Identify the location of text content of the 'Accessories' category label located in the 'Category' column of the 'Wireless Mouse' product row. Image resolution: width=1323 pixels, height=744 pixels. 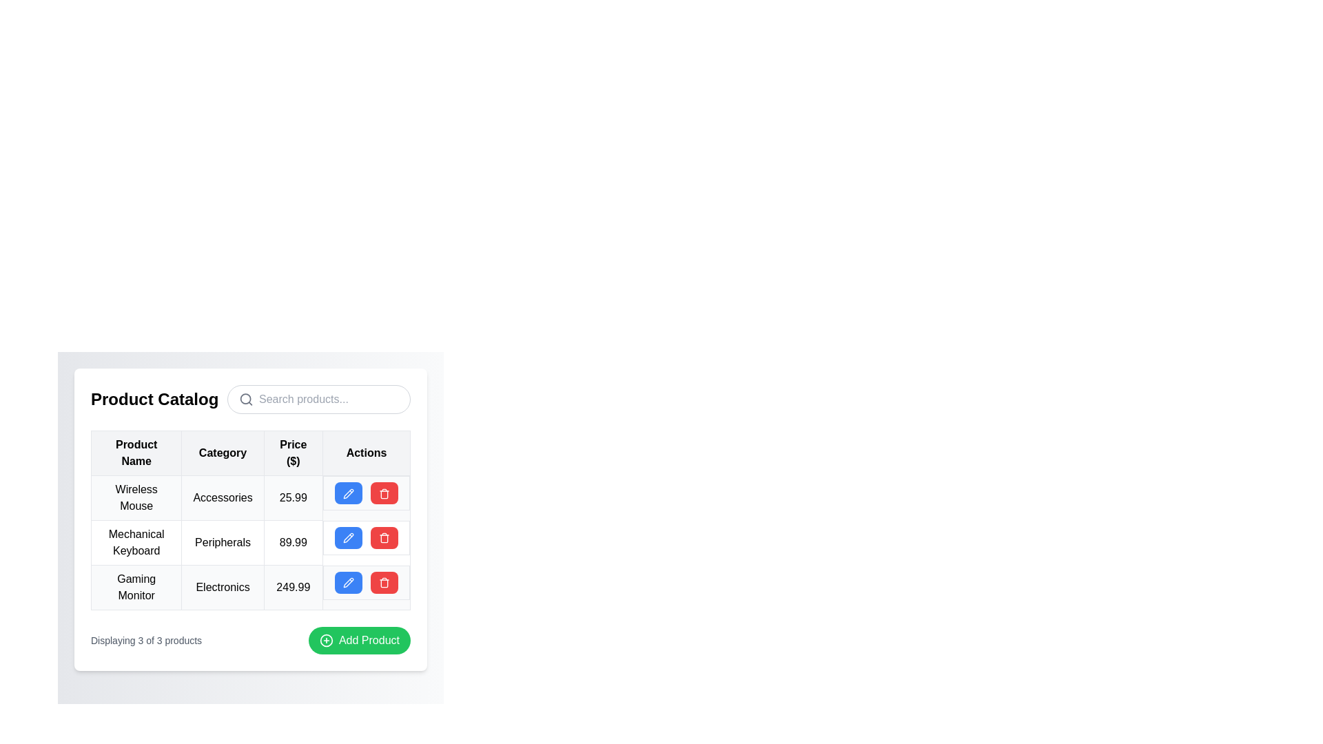
(223, 497).